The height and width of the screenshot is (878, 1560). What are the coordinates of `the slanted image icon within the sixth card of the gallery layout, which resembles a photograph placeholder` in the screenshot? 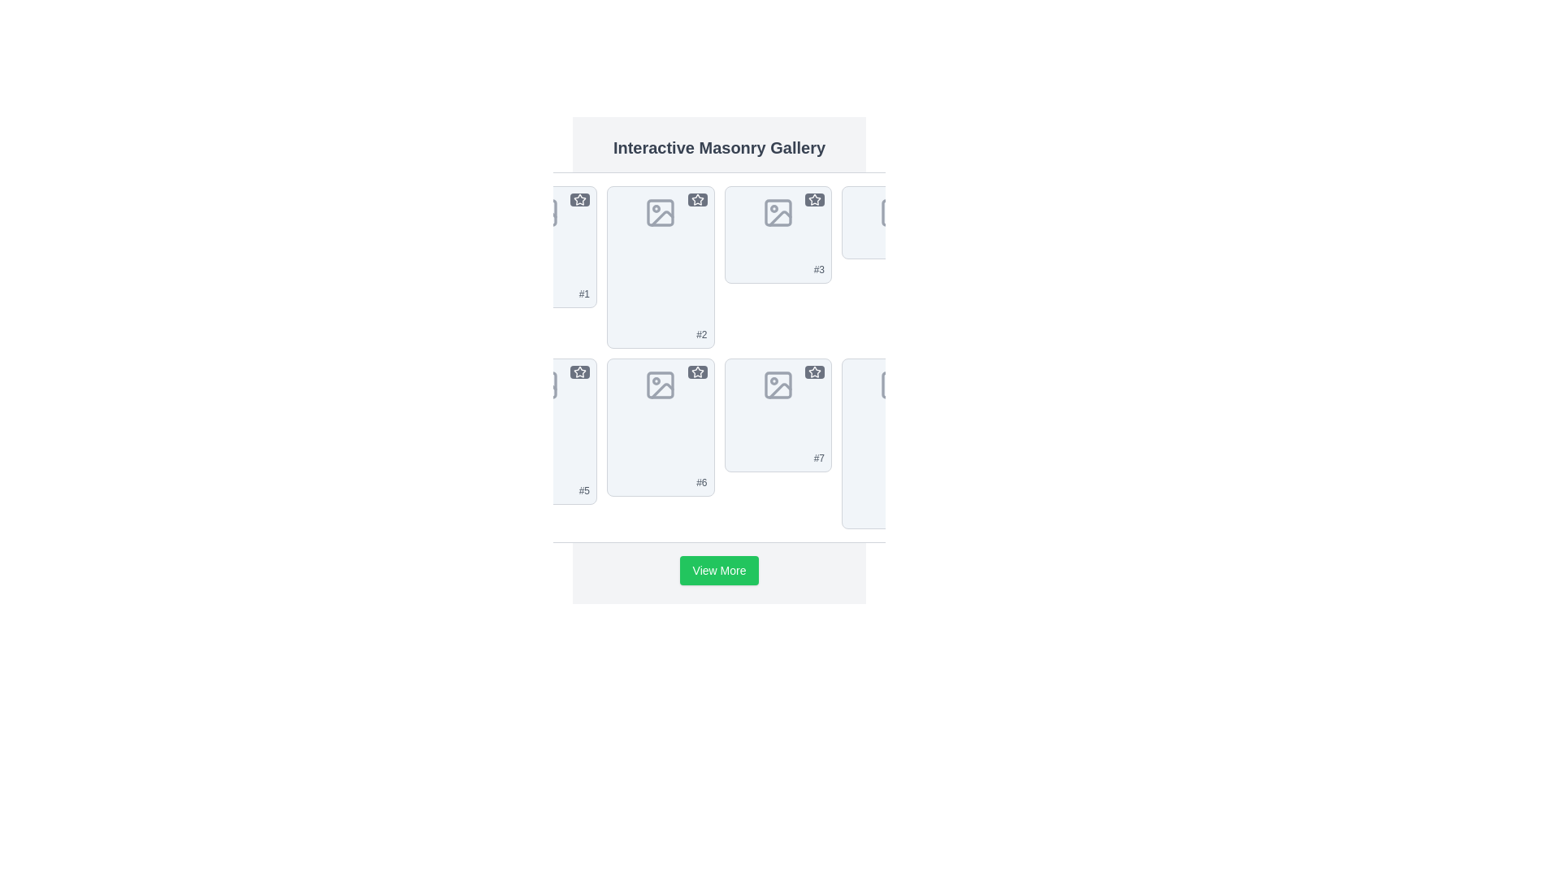 It's located at (662, 390).